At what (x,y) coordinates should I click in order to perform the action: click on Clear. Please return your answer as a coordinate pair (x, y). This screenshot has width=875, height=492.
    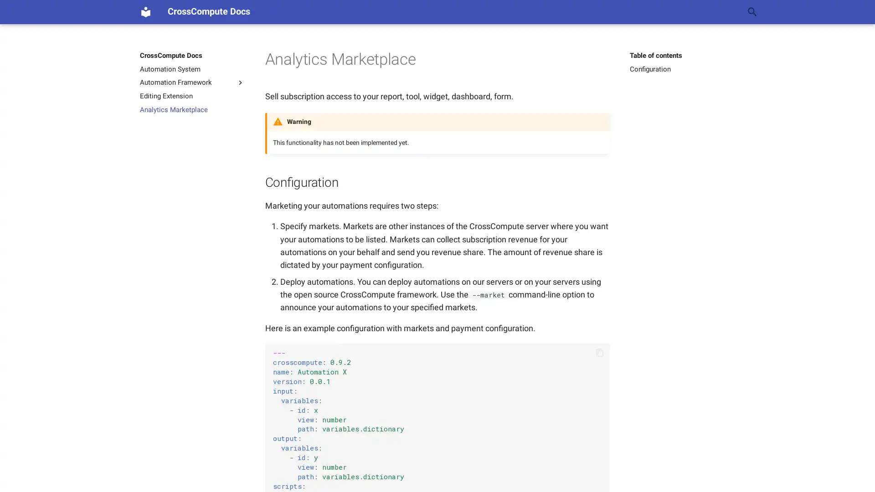
    Looking at the image, I should click on (730, 12).